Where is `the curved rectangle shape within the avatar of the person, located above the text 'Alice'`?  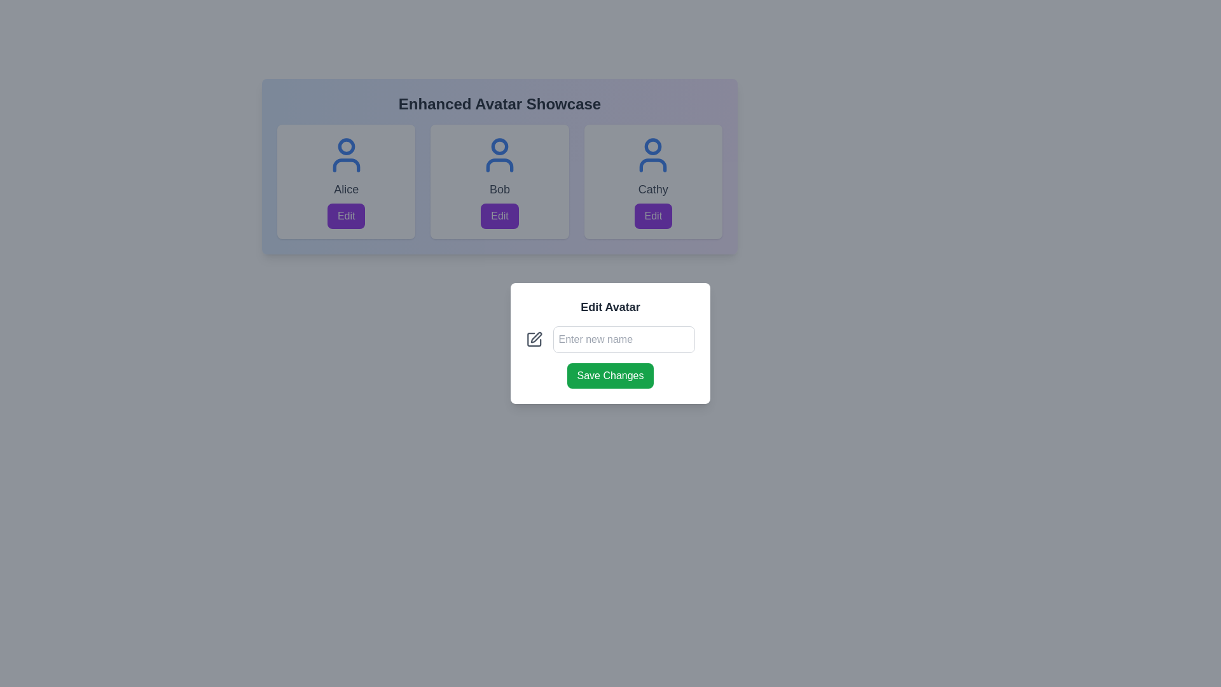
the curved rectangle shape within the avatar of the person, located above the text 'Alice' is located at coordinates (346, 164).